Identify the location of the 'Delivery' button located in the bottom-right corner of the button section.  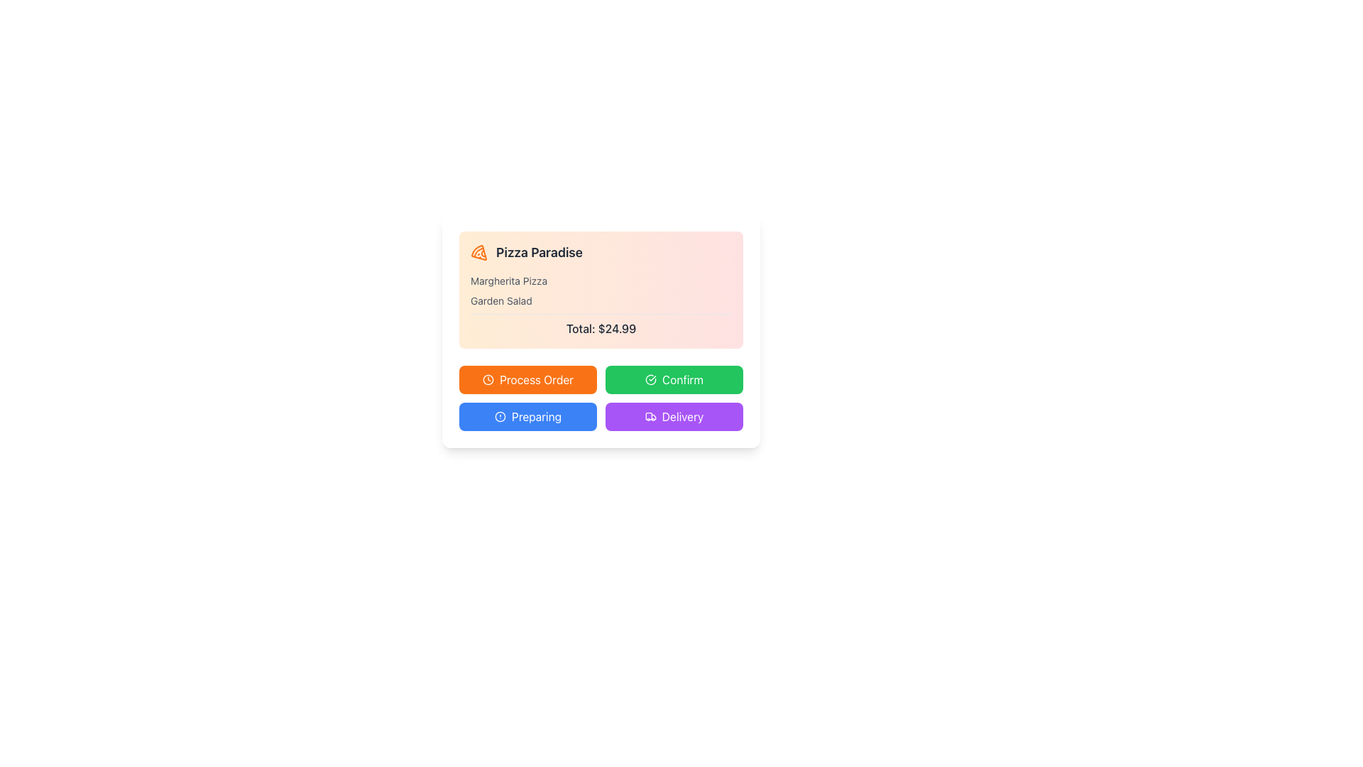
(682, 415).